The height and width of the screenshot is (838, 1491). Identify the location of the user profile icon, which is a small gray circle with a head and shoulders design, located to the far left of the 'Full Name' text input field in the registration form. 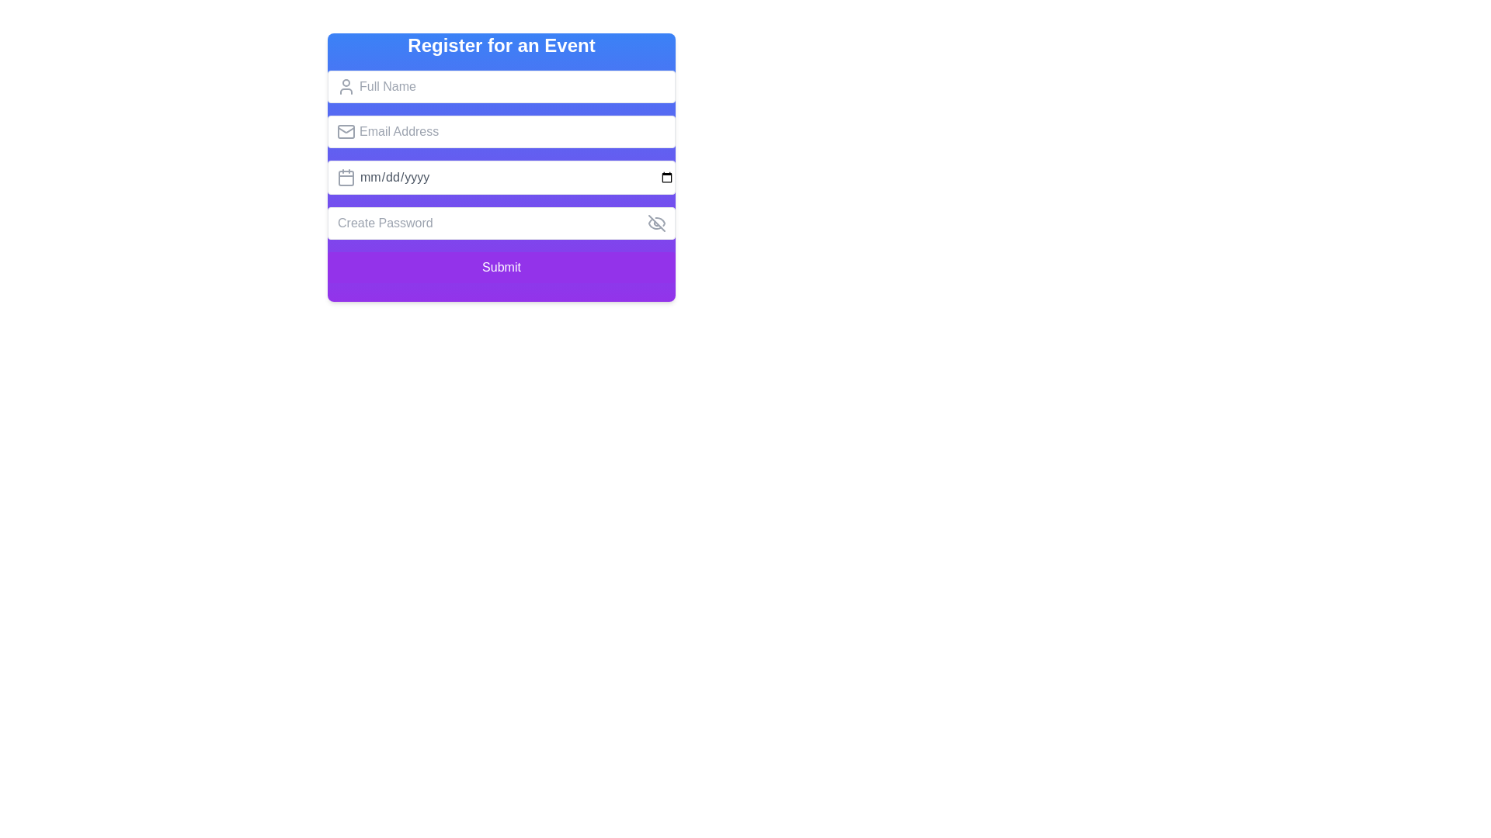
(346, 86).